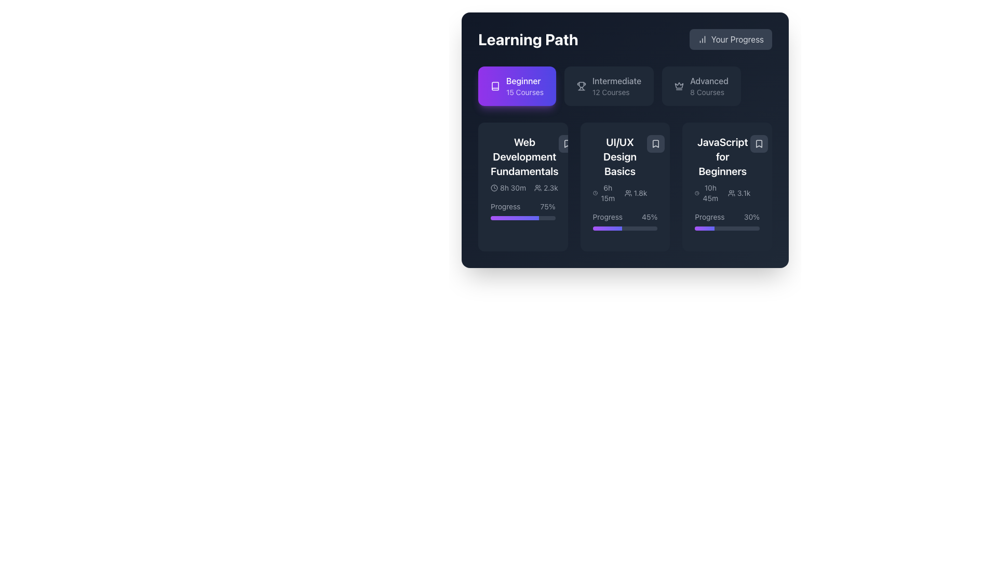  Describe the element at coordinates (655, 144) in the screenshot. I see `the bookmark-like icon located in the top-right corner of the 'UI/UX Design Basics' card` at that location.